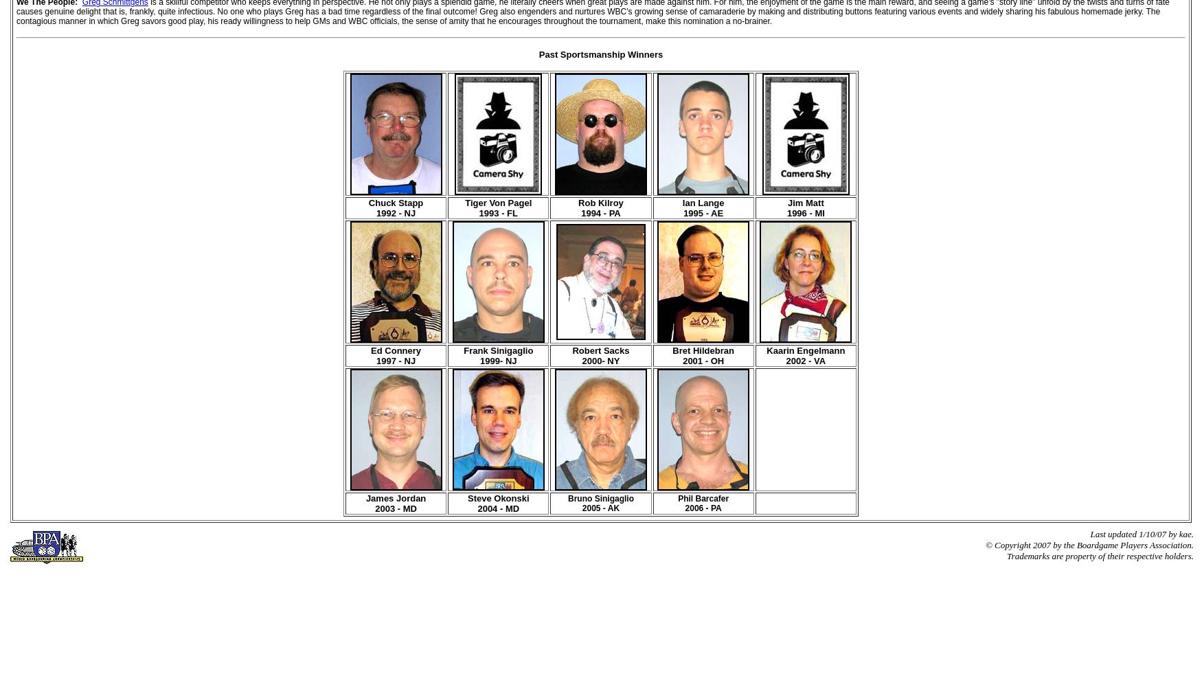  What do you see at coordinates (681, 203) in the screenshot?
I see `'Ian Lange'` at bounding box center [681, 203].